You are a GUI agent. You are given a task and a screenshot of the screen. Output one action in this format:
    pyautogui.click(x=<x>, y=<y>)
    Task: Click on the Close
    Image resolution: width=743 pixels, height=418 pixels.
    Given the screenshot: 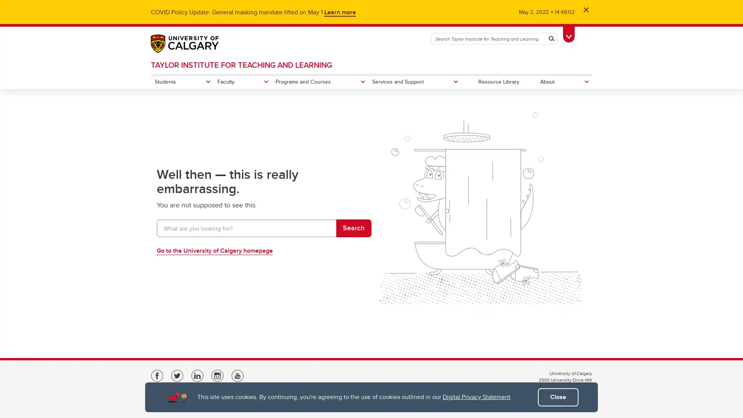 What is the action you would take?
    pyautogui.click(x=558, y=397)
    